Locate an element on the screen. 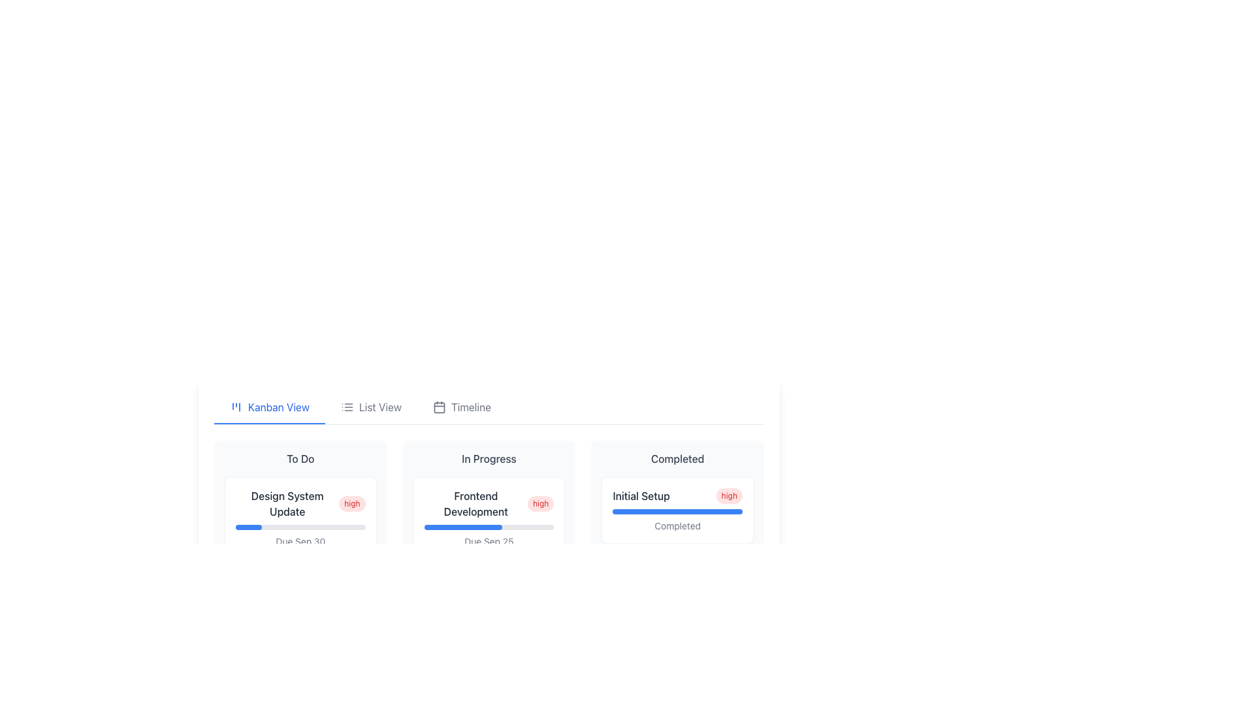 This screenshot has height=705, width=1254. the 'Frontend Development' task card is located at coordinates (488, 521).